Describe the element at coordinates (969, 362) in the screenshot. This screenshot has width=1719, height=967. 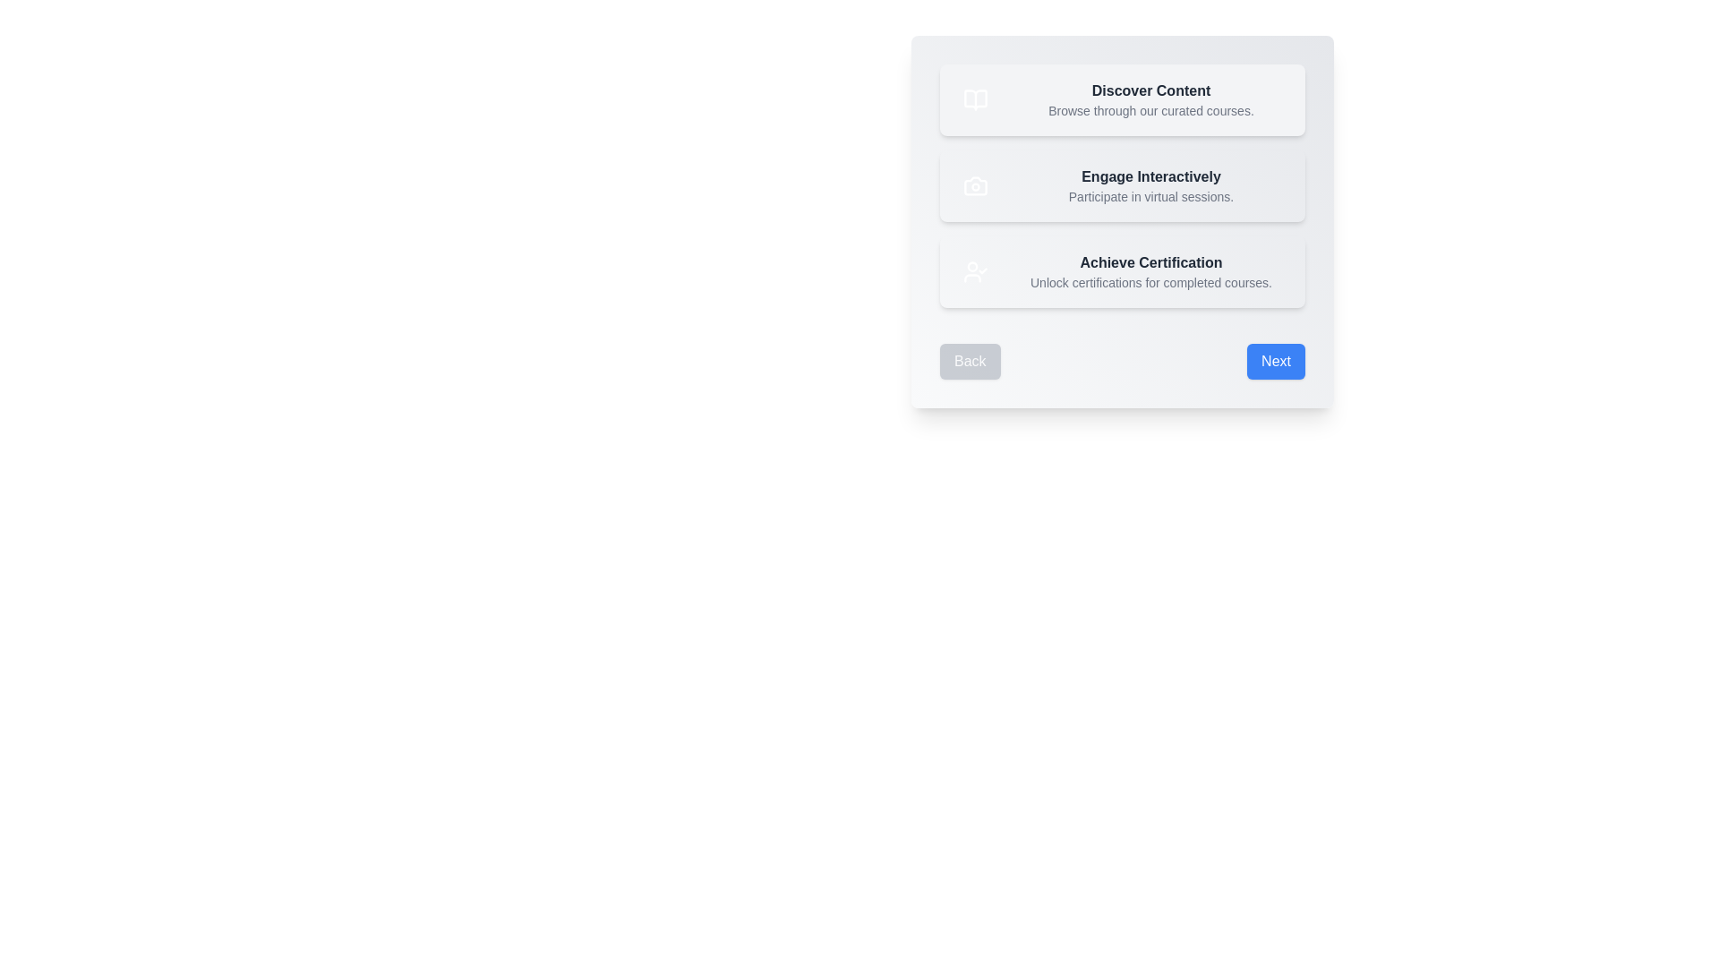
I see `the 'Back' button to navigate to the previous step` at that location.